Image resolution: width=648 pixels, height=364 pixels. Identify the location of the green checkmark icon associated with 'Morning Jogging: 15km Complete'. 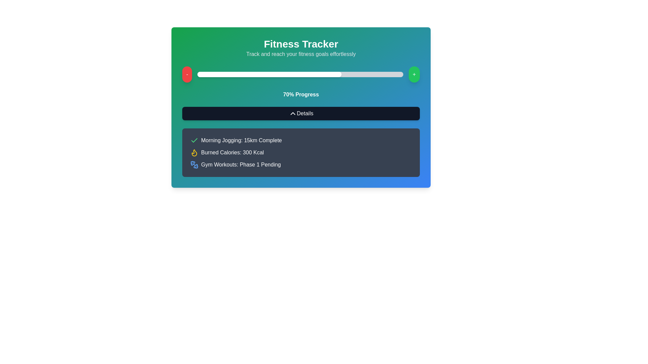
(194, 140).